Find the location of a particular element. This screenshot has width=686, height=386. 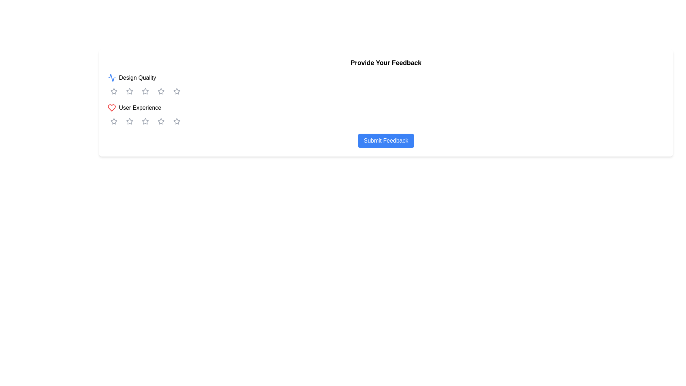

the second star button for the 'Design Quality' rating feature to provide feedback is located at coordinates (130, 91).